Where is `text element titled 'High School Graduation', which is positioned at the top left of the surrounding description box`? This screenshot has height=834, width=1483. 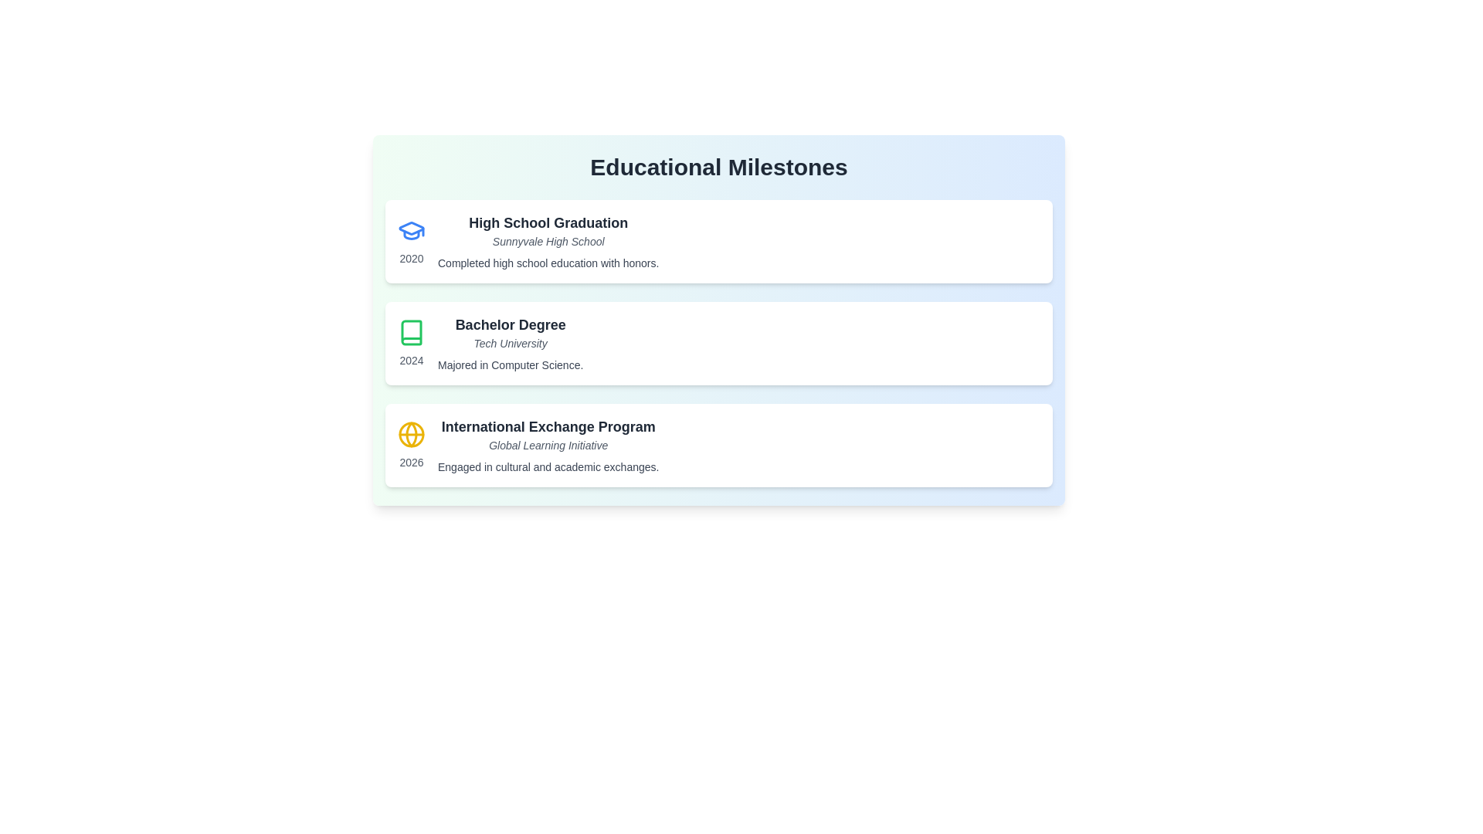
text element titled 'High School Graduation', which is positioned at the top left of the surrounding description box is located at coordinates (548, 223).